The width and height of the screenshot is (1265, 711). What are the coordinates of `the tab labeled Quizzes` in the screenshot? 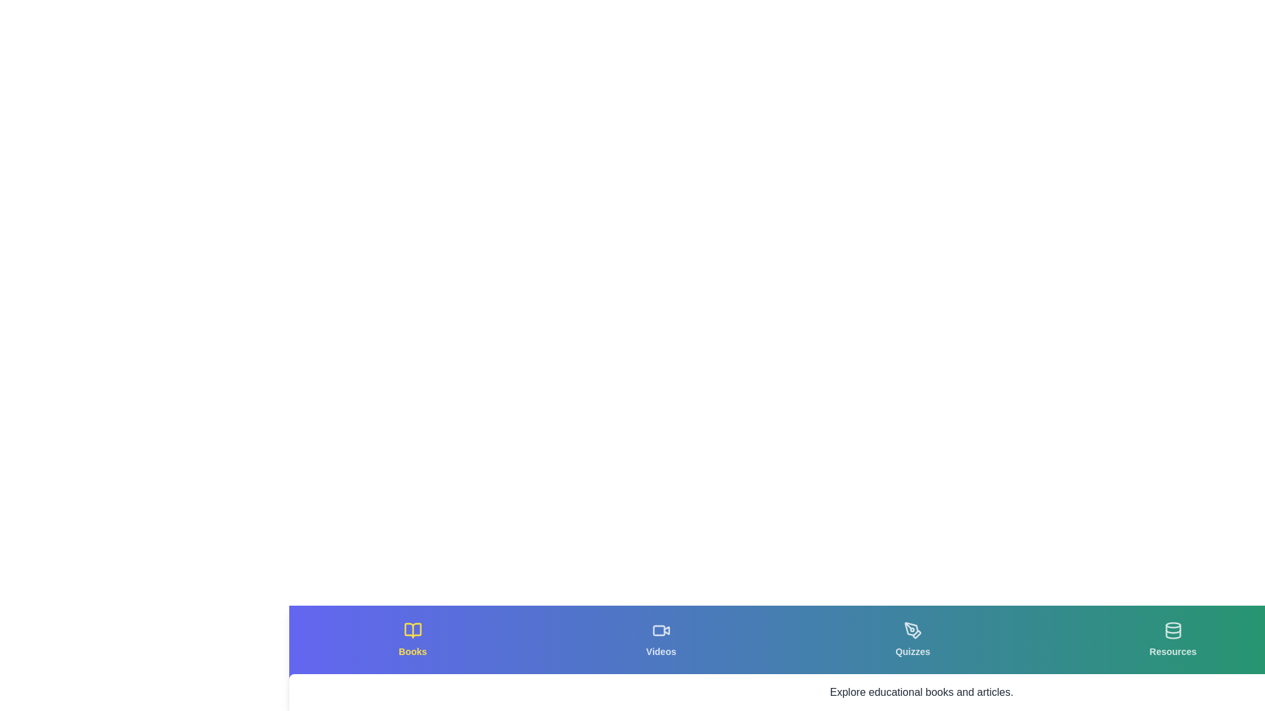 It's located at (912, 639).